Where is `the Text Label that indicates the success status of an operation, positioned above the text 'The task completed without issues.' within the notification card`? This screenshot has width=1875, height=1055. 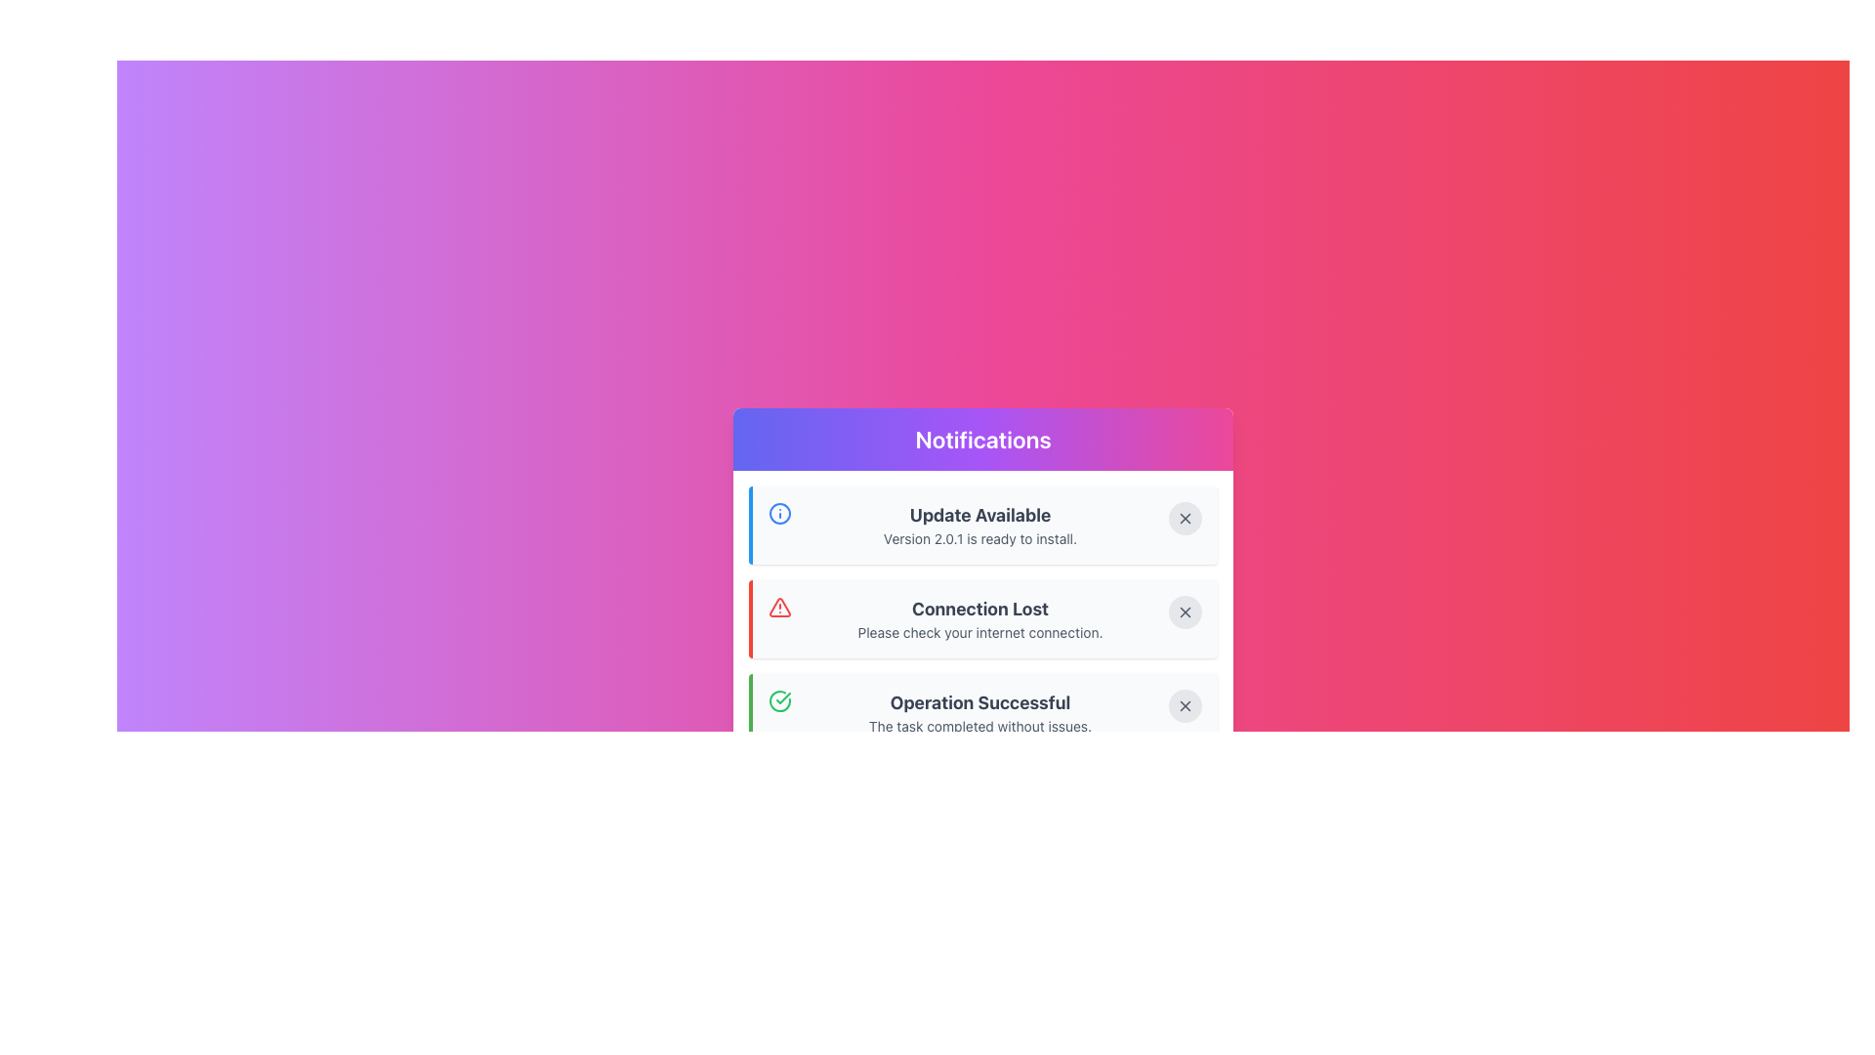
the Text Label that indicates the success status of an operation, positioned above the text 'The task completed without issues.' within the notification card is located at coordinates (979, 703).